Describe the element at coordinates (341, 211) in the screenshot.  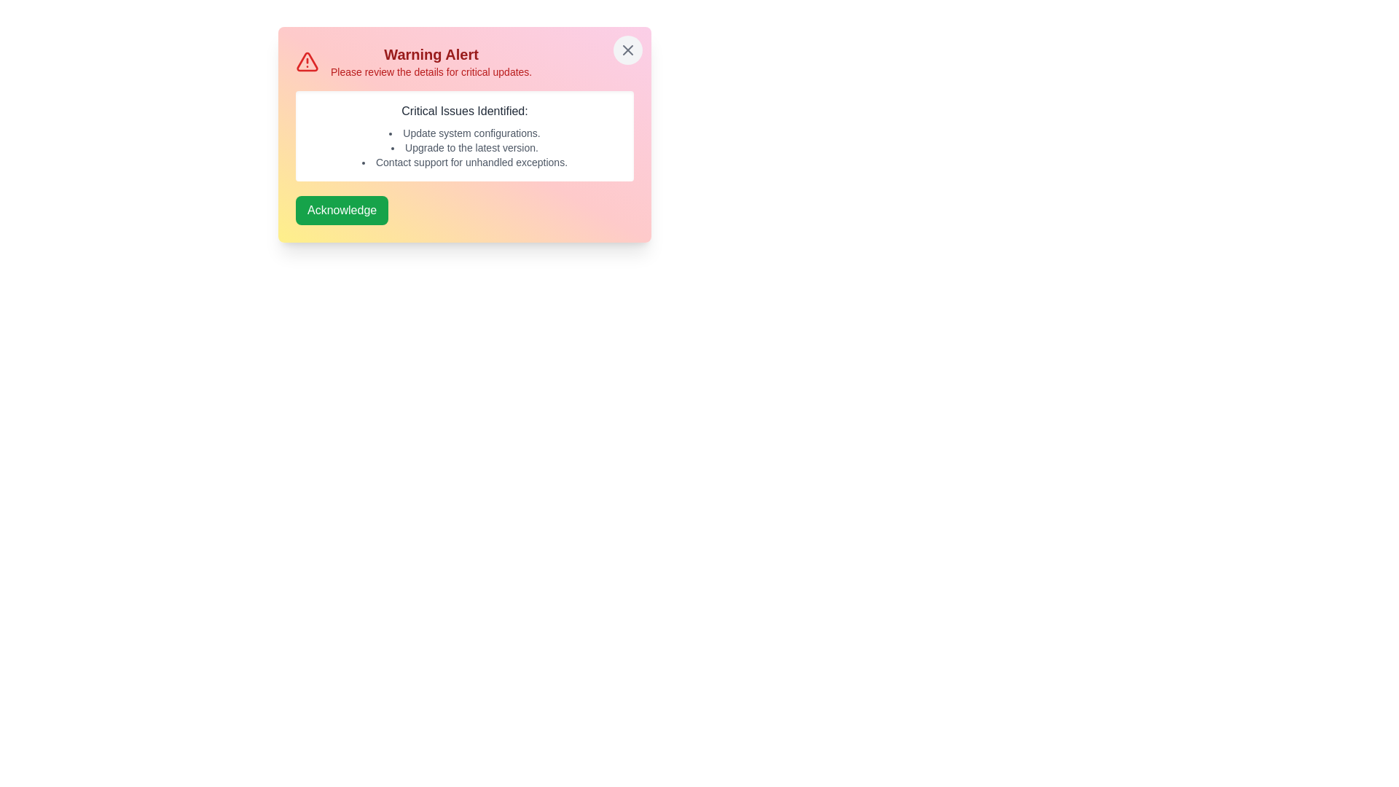
I see `the 'Acknowledge' button to acknowledge the alert` at that location.